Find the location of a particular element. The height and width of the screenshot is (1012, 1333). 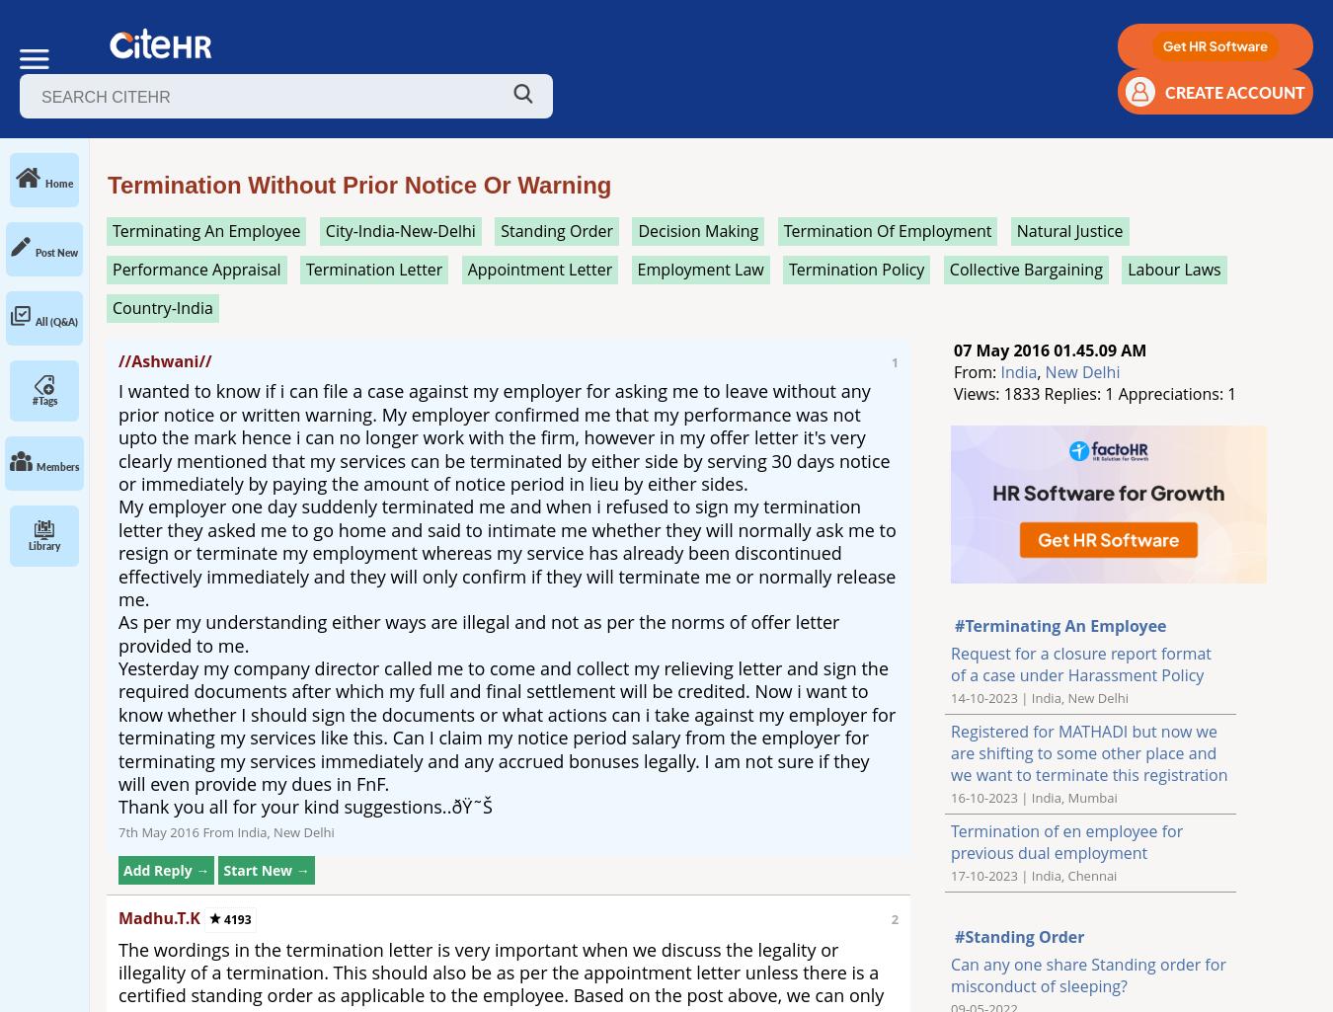

'India' is located at coordinates (1018, 371).